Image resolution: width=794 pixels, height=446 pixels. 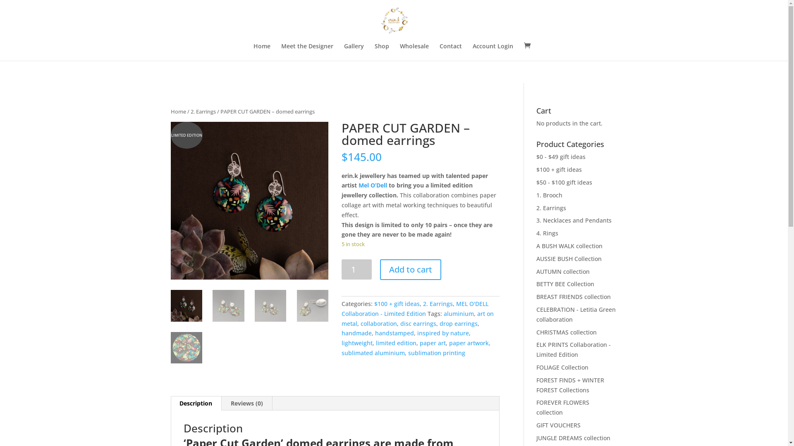 What do you see at coordinates (458, 323) in the screenshot?
I see `'drop earrings'` at bounding box center [458, 323].